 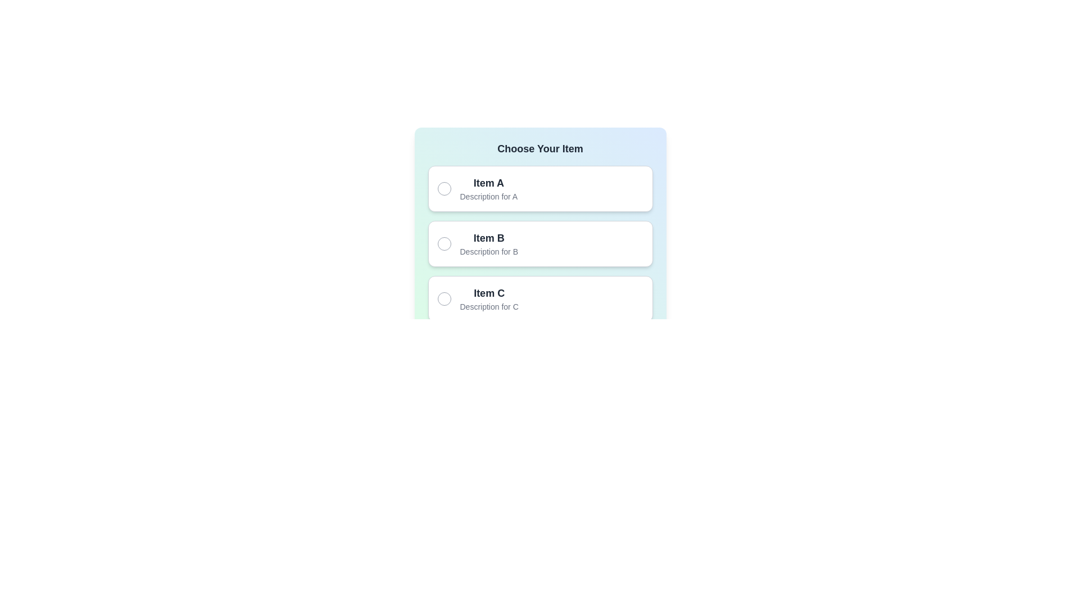 I want to click on text label for 'Item C', which is the third selectable item in the list, positioned below 'Item B' and above additional content, so click(x=489, y=298).